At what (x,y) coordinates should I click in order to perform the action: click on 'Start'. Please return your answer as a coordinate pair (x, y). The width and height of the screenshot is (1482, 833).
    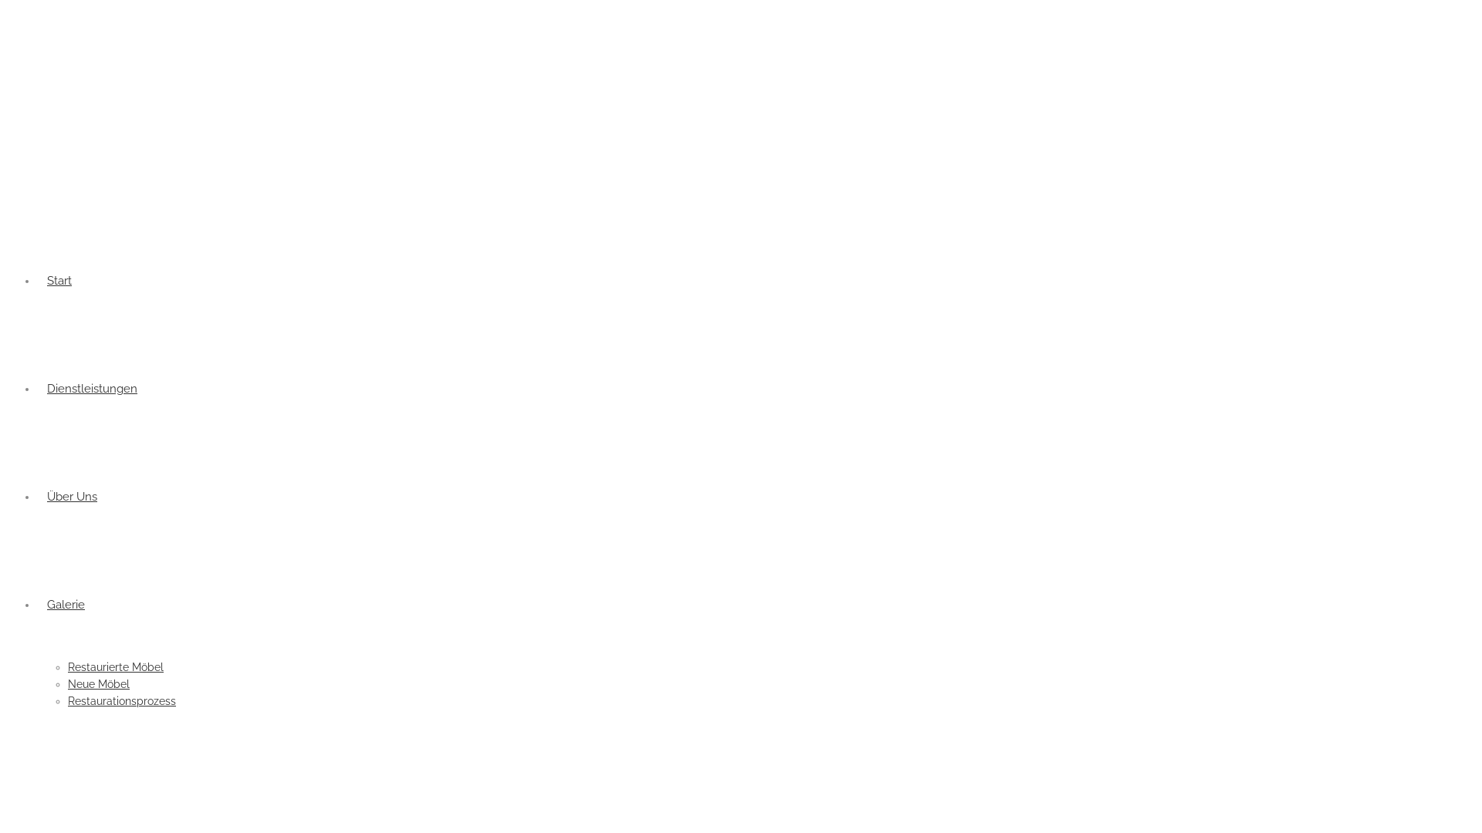
    Looking at the image, I should click on (37, 280).